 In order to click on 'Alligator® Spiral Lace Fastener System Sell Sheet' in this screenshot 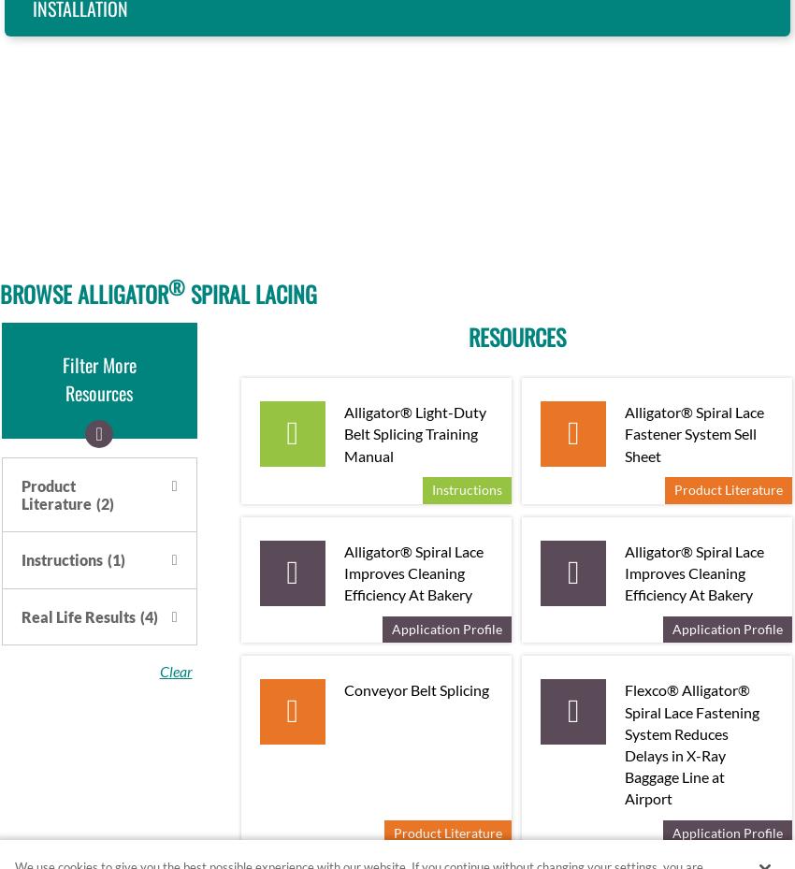, I will do `click(694, 432)`.